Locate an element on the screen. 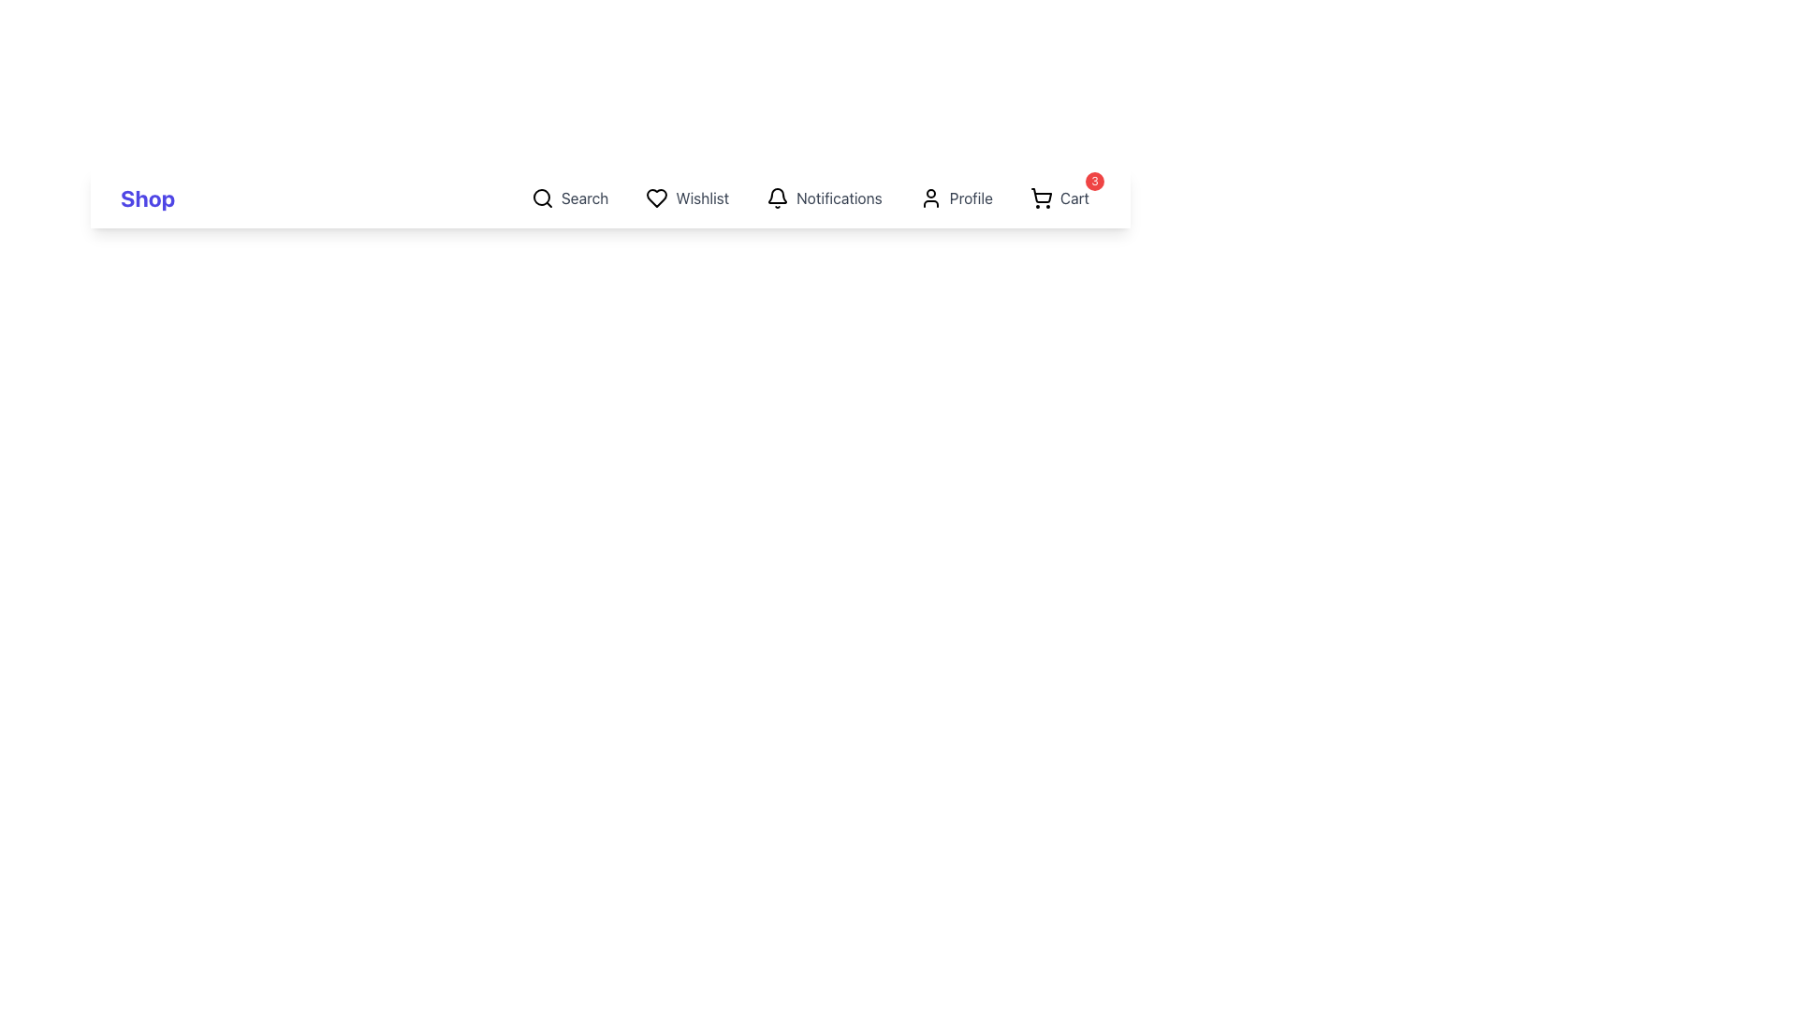 The height and width of the screenshot is (1011, 1797). the shopping cart icon in the top-right section of the navigation bar to proceed to the shopping cart page is located at coordinates (1041, 196).